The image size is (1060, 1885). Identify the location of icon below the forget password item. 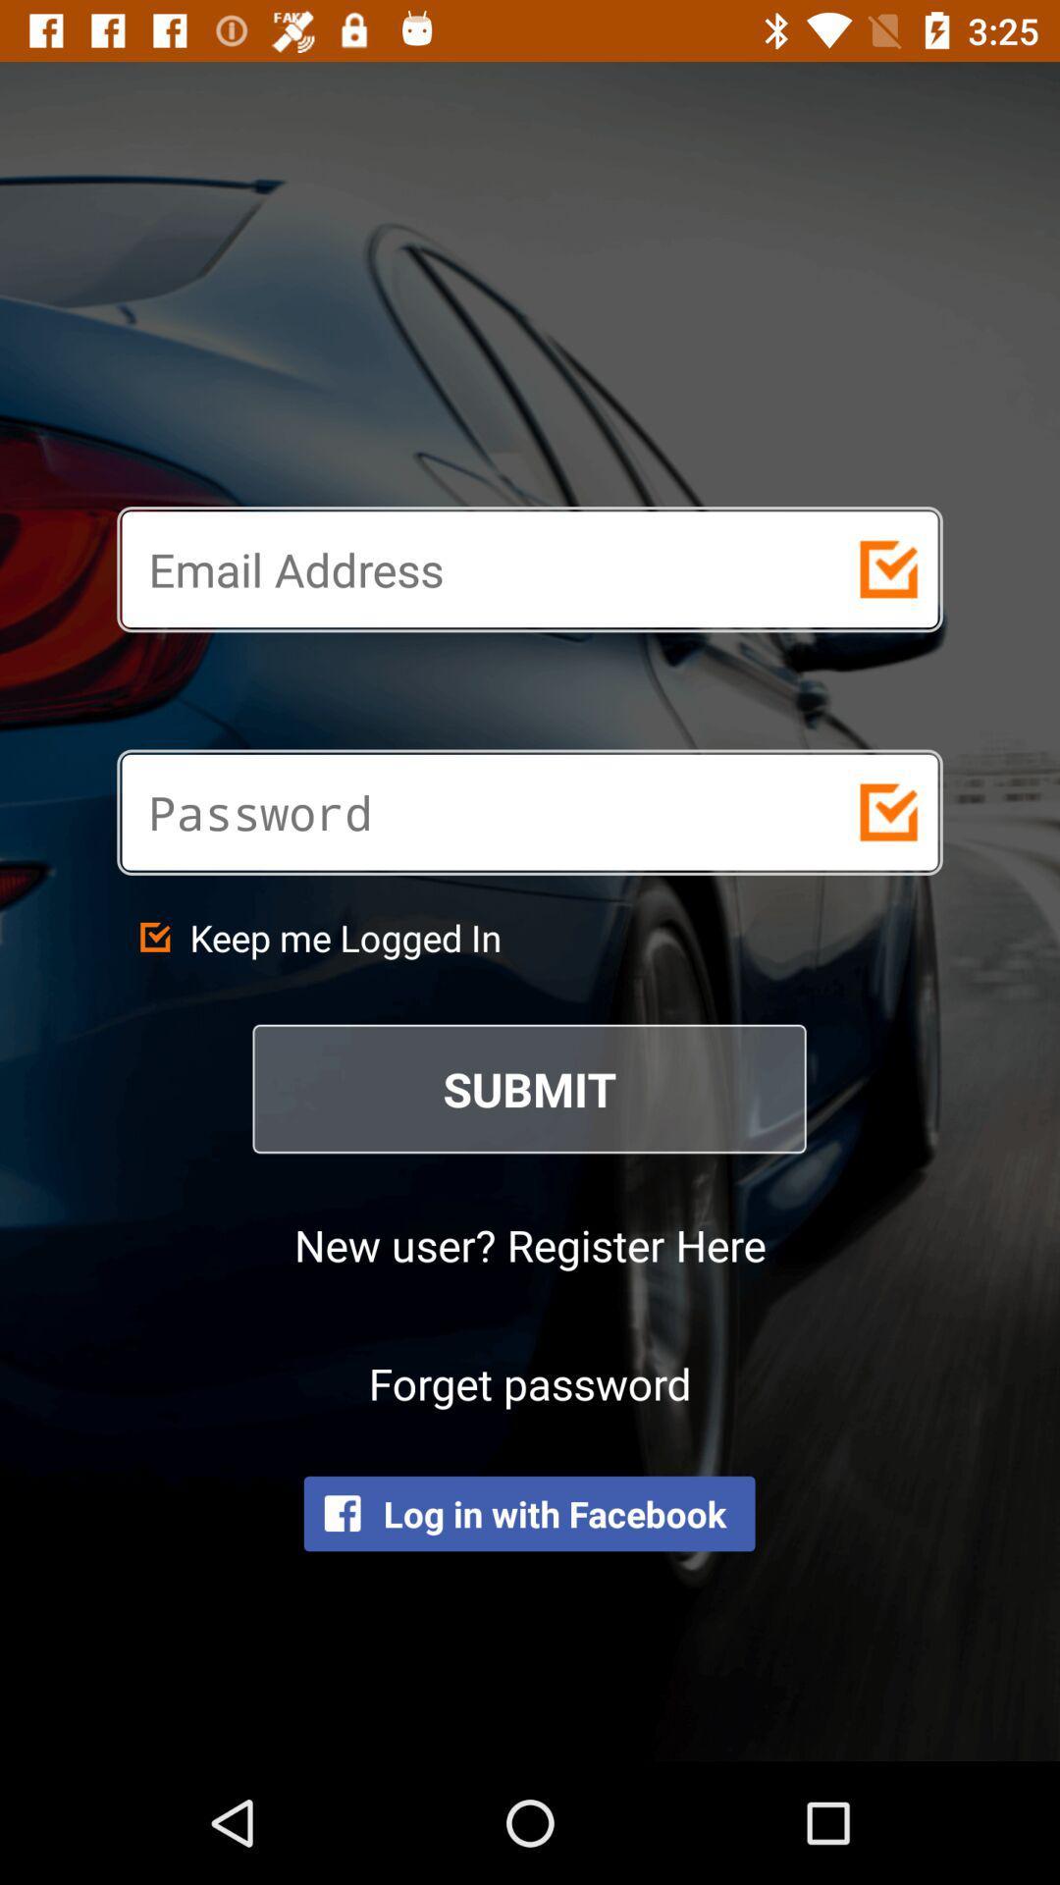
(528, 1512).